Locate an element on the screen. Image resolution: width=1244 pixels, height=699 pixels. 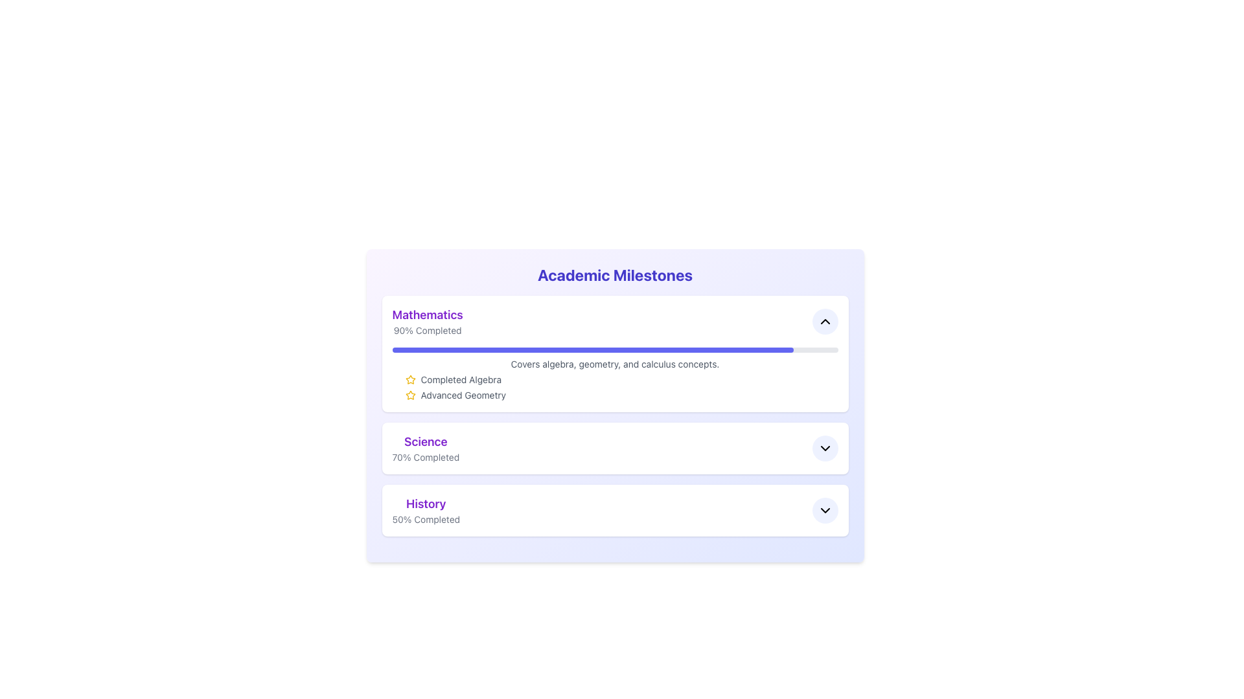
the Text Label indicating the completion status for the Science subject, which displays the percentage format of completion located beneath the 'Science' heading in the Academic Milestones interface is located at coordinates (426, 456).